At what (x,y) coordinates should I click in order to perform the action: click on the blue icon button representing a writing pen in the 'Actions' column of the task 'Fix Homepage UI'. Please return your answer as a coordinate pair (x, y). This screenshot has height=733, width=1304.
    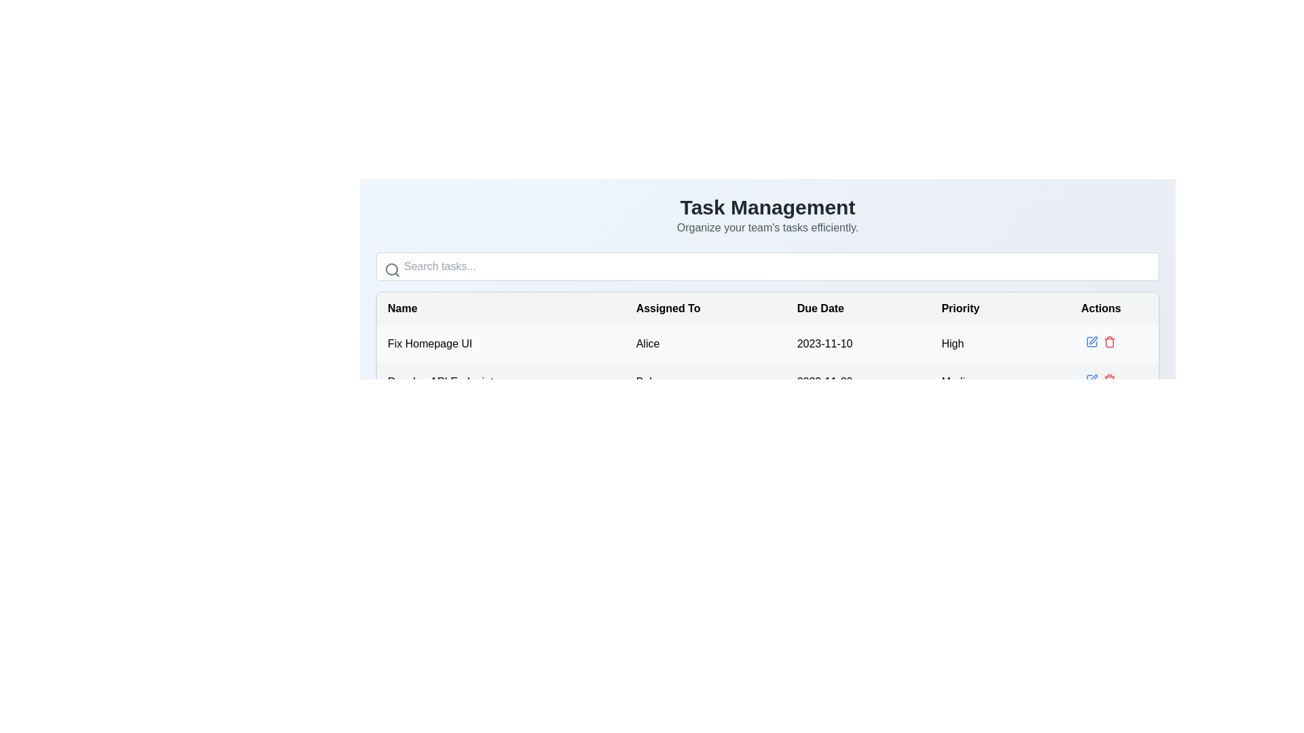
    Looking at the image, I should click on (1092, 341).